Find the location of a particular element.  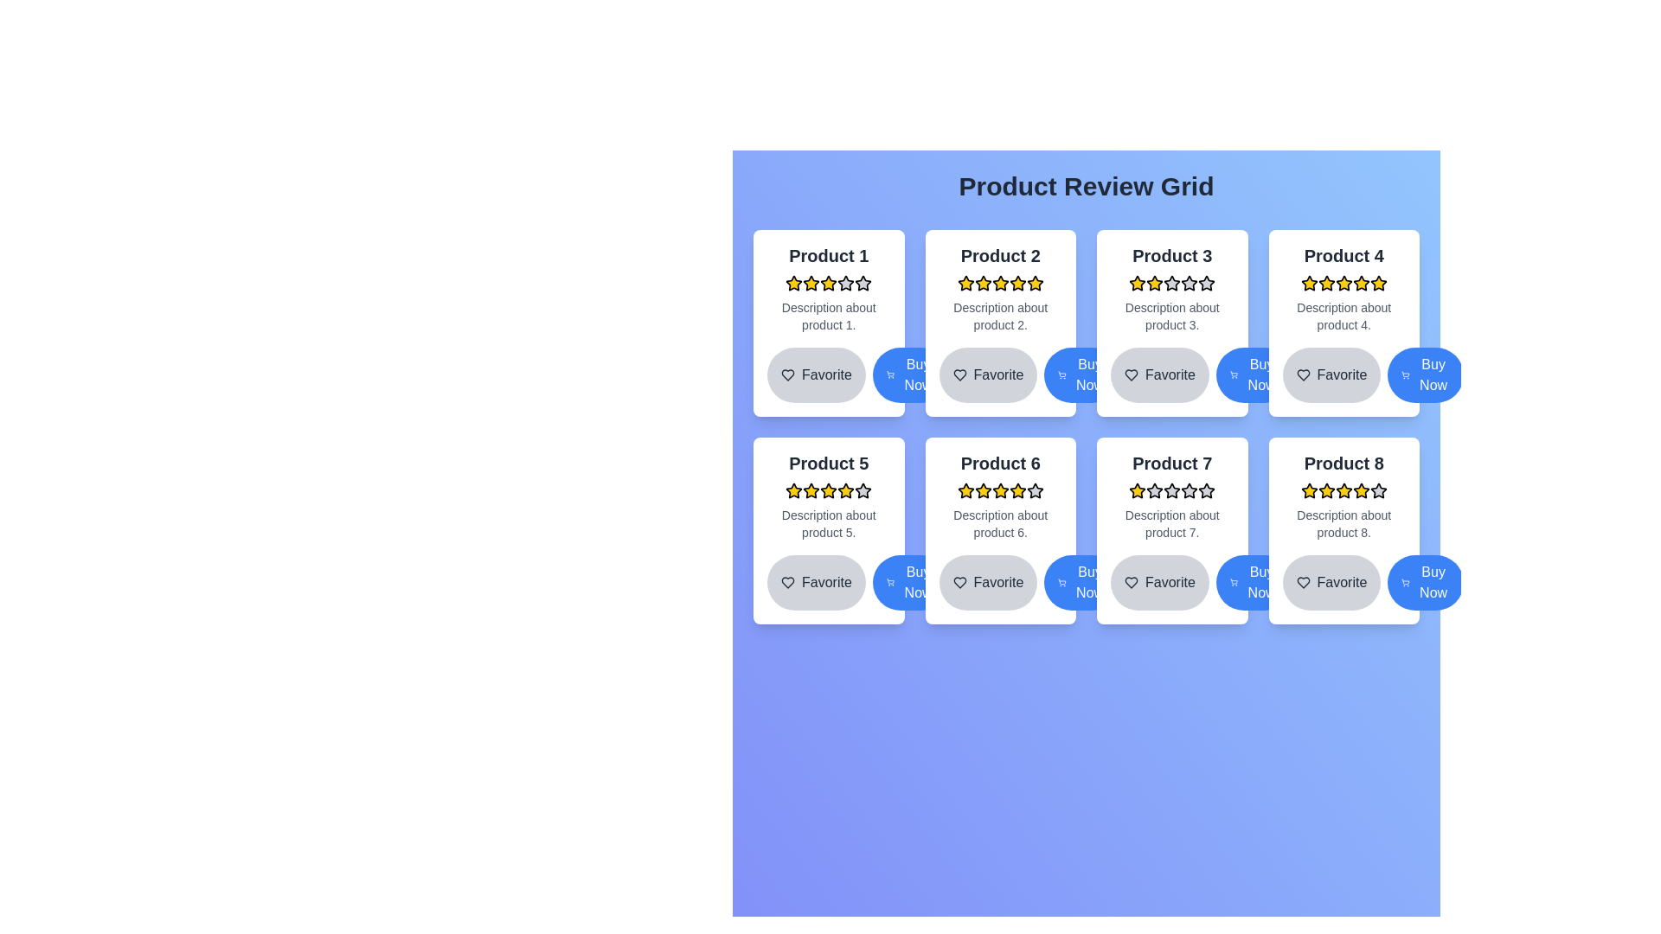

the heart-shaped icon next to the 'Favorite' text label to mark the product as favorite is located at coordinates (1132, 583).